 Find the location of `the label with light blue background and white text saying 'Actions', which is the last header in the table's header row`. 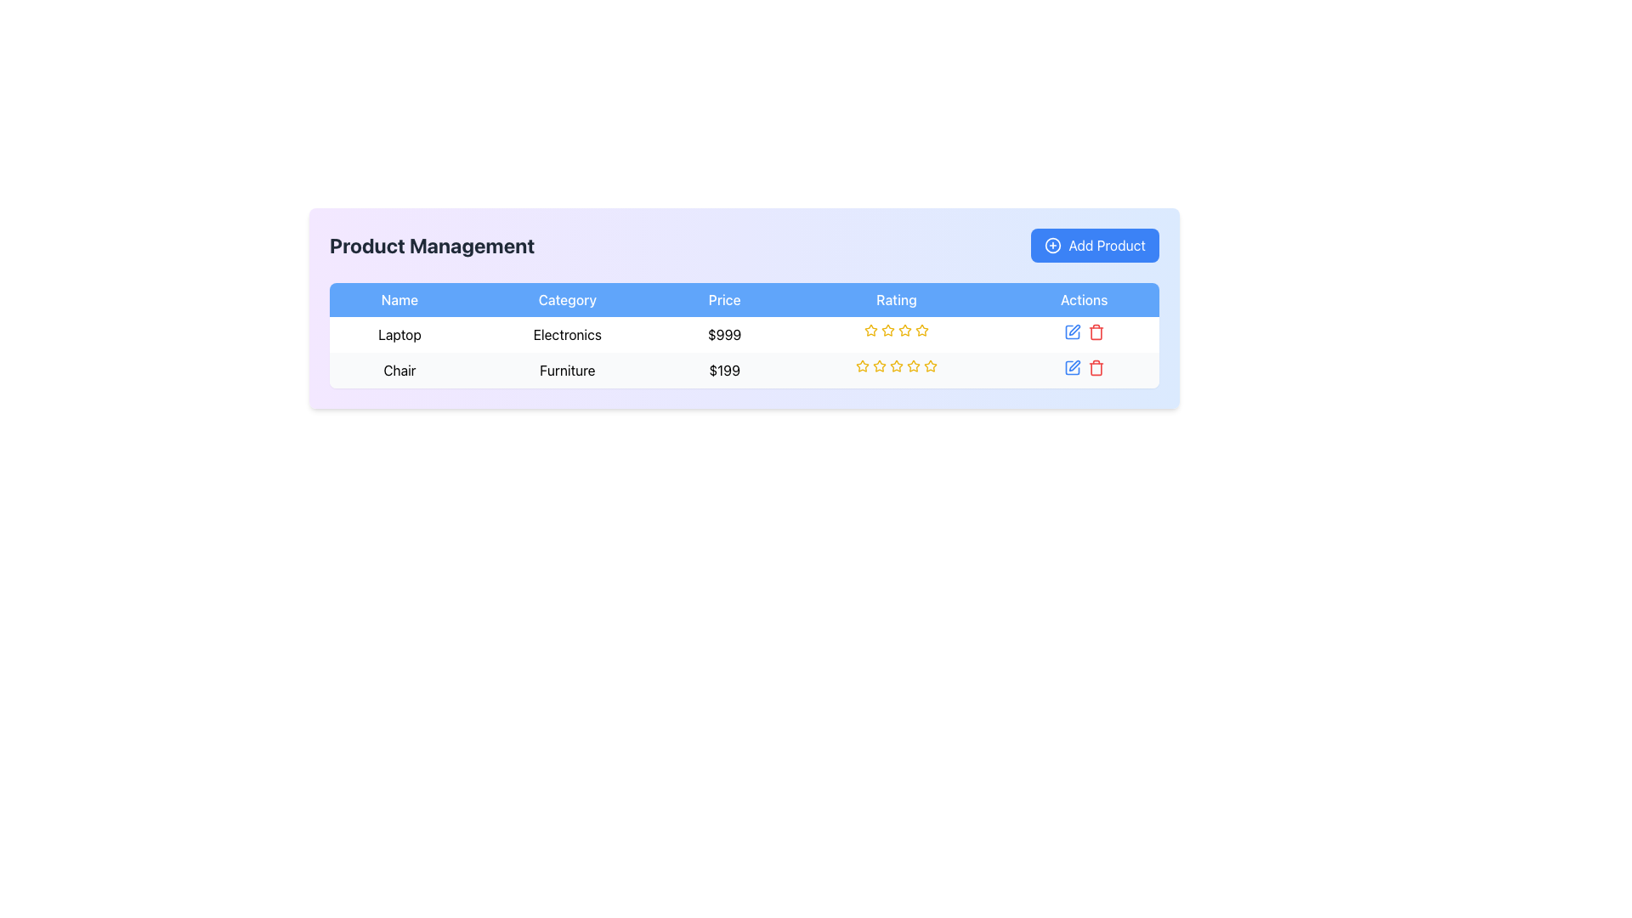

the label with light blue background and white text saying 'Actions', which is the last header in the table's header row is located at coordinates (1083, 299).